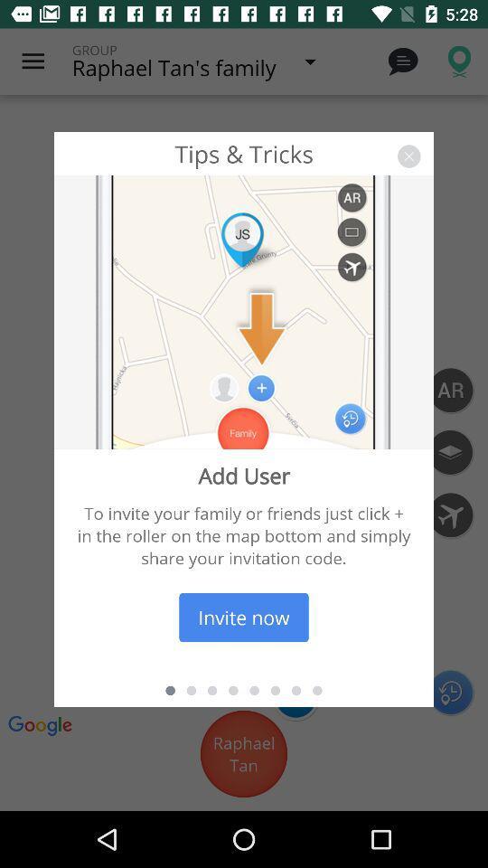  What do you see at coordinates (408, 156) in the screenshot?
I see `the item at the top right corner` at bounding box center [408, 156].